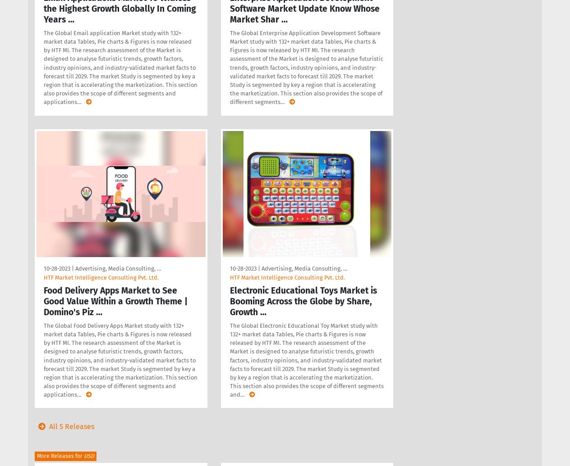 The image size is (570, 466). I want to click on 'The Global Email application Market study with 132+ market data Tables, Pie charts & Figures is now released by HTF MI. The research assessment of the Market is designed to analyse futuristic trends, growth factors, industry opinions, and industry-validated market facts to forecast till 2029. 
The market Study is segmented by key a region that is accelerating the marketization. 
This section also provides the scope of different segments and applications', so click(120, 67).